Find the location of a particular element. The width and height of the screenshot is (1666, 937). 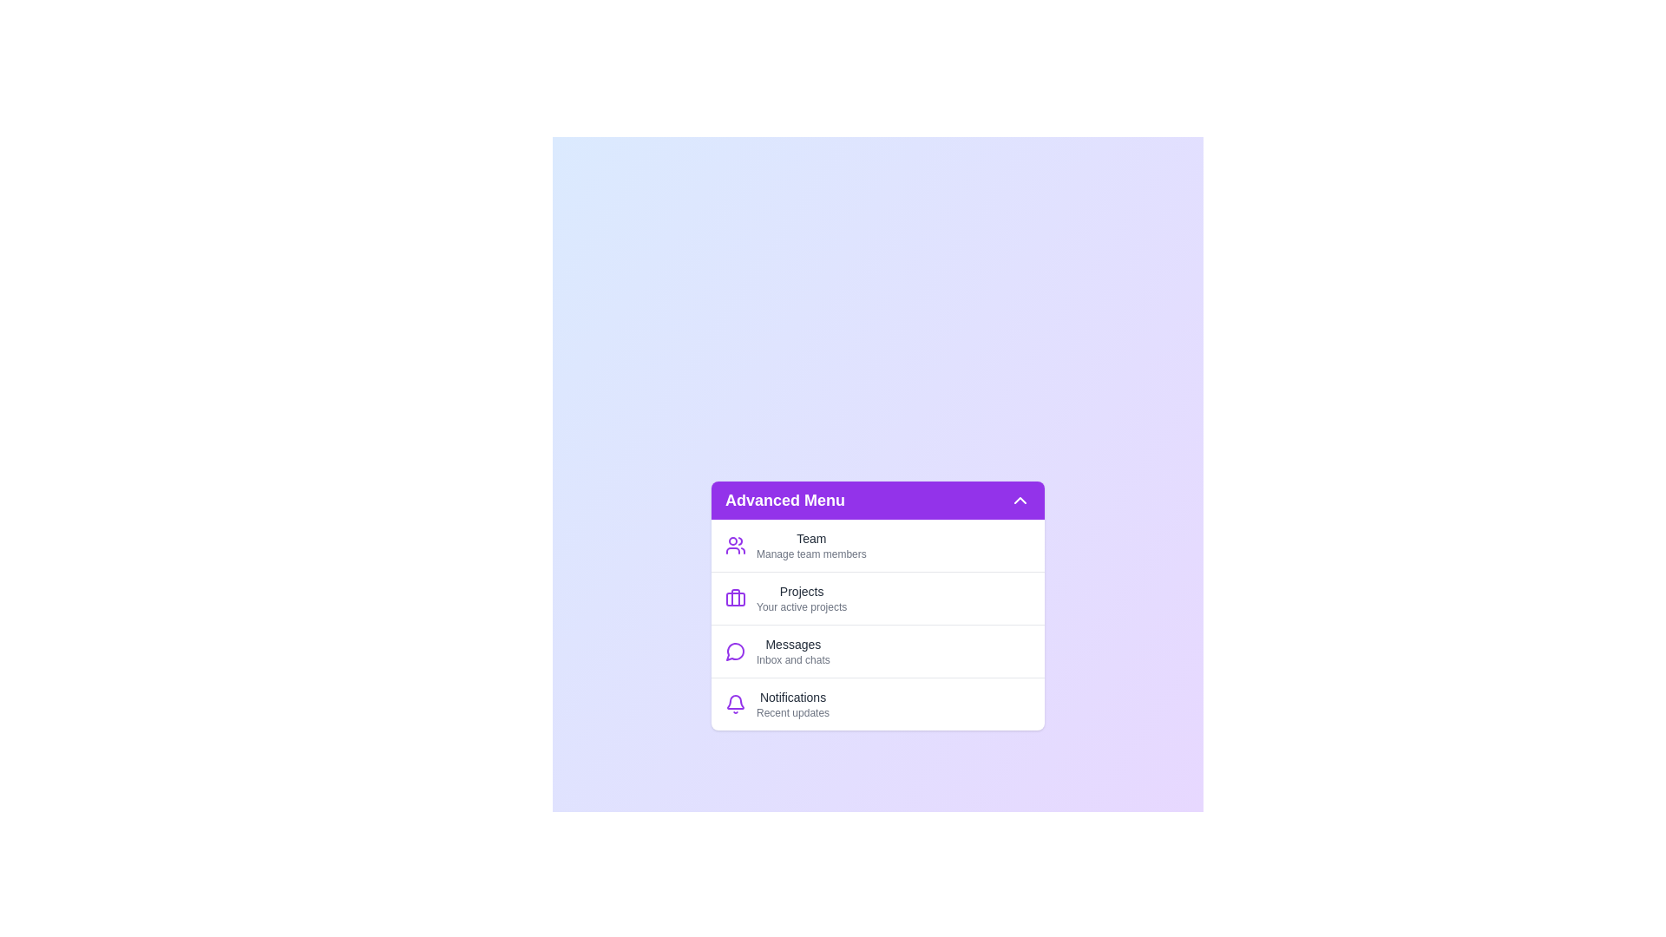

the text of a menu item identified by its label Projects is located at coordinates (801, 597).